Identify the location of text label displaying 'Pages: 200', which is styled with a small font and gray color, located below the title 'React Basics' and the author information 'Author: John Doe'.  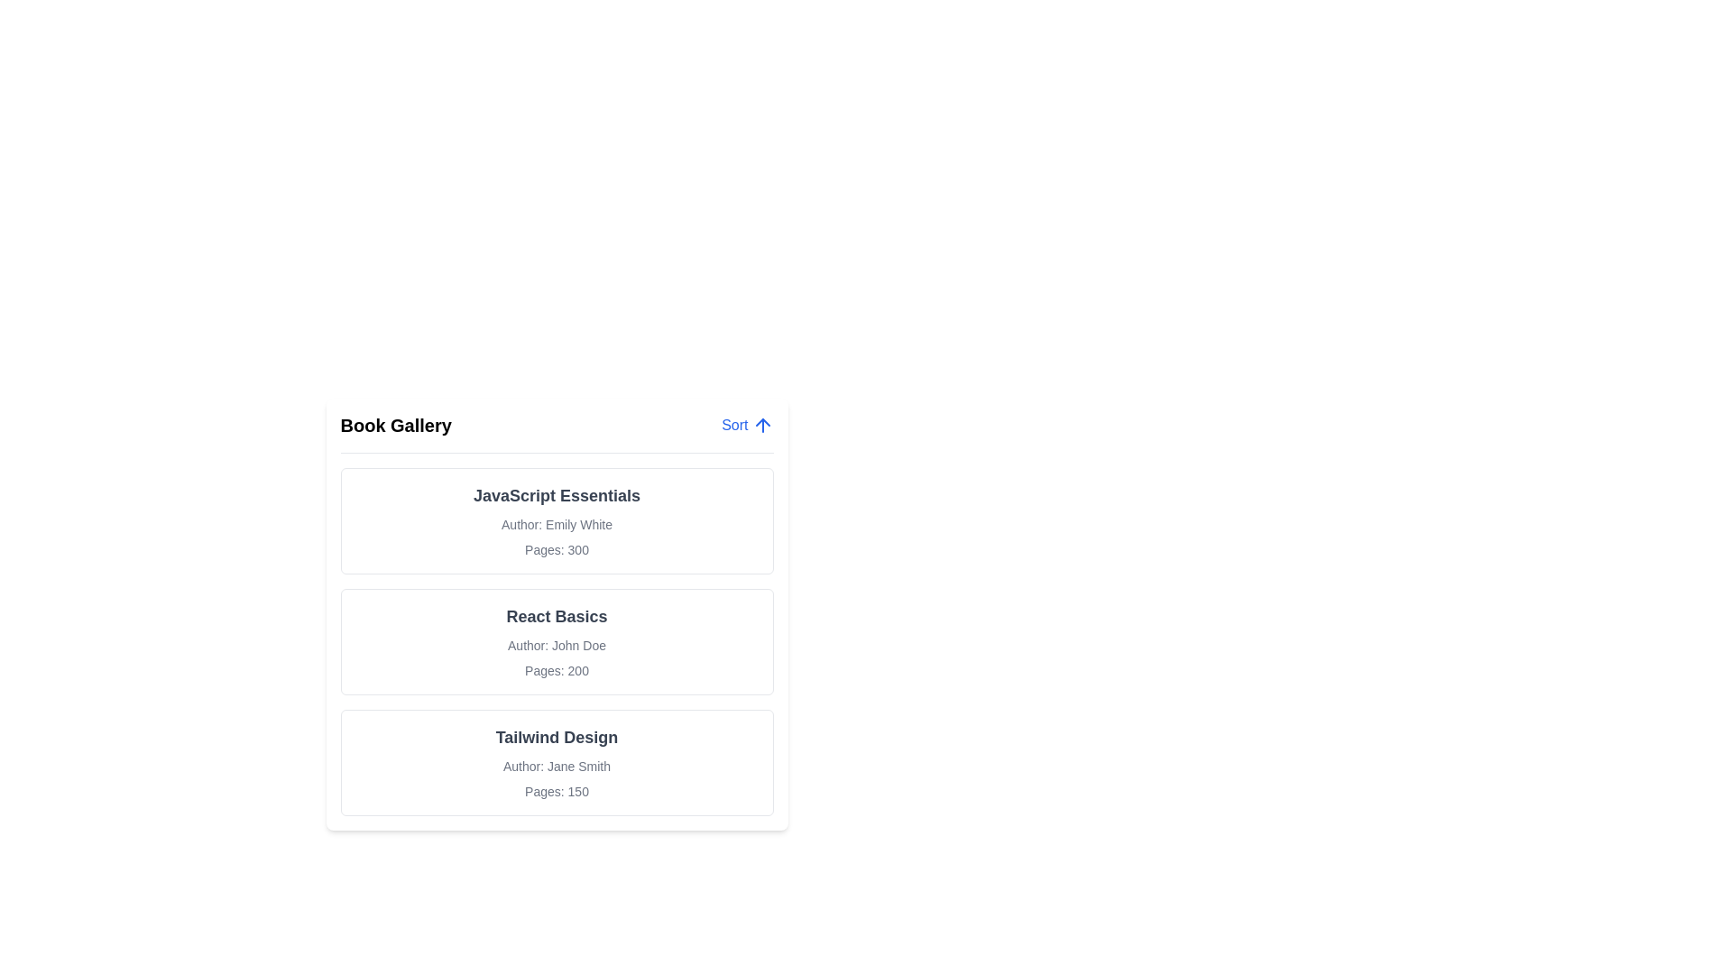
(556, 671).